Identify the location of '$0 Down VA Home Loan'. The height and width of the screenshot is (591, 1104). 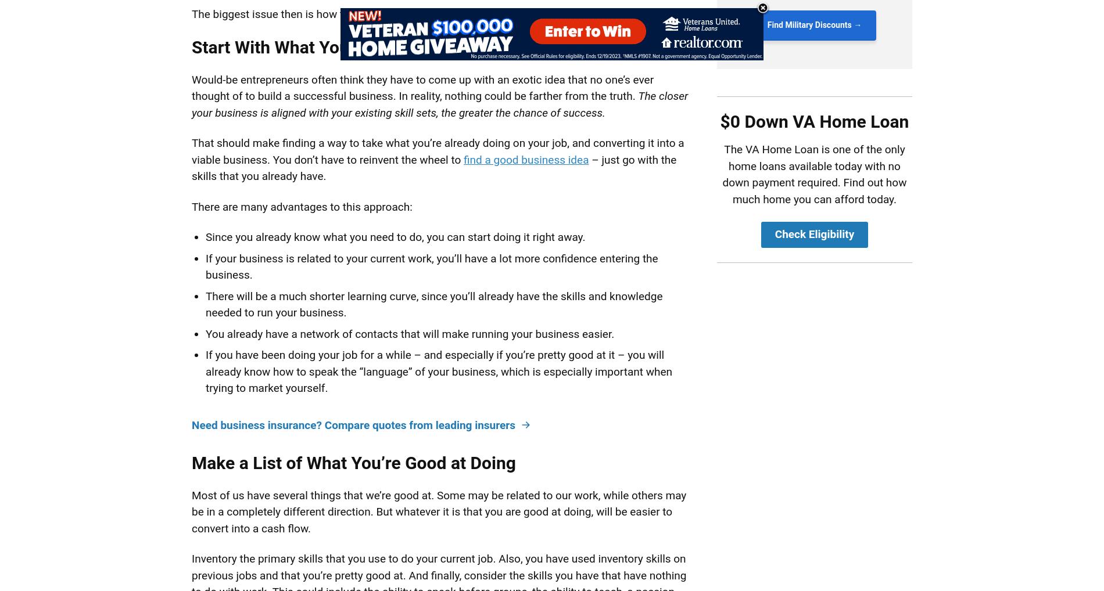
(813, 121).